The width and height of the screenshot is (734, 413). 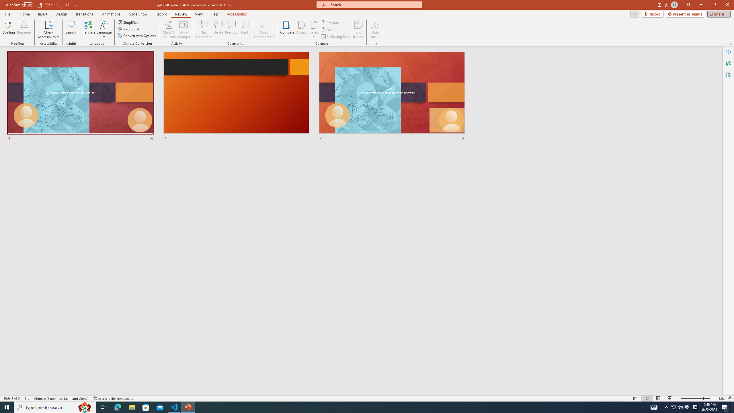 What do you see at coordinates (336, 36) in the screenshot?
I see `'Reviewing Pane'` at bounding box center [336, 36].